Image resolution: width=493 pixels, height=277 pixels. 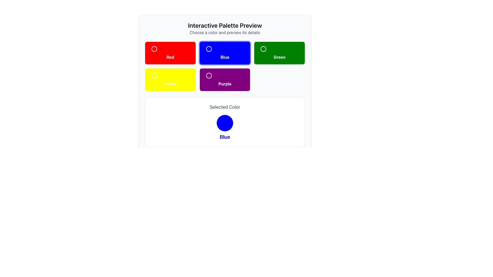 I want to click on the text element labeled 'Green', which is centrally positioned within the green button in the top-right corner of the color selection grid, so click(x=279, y=57).